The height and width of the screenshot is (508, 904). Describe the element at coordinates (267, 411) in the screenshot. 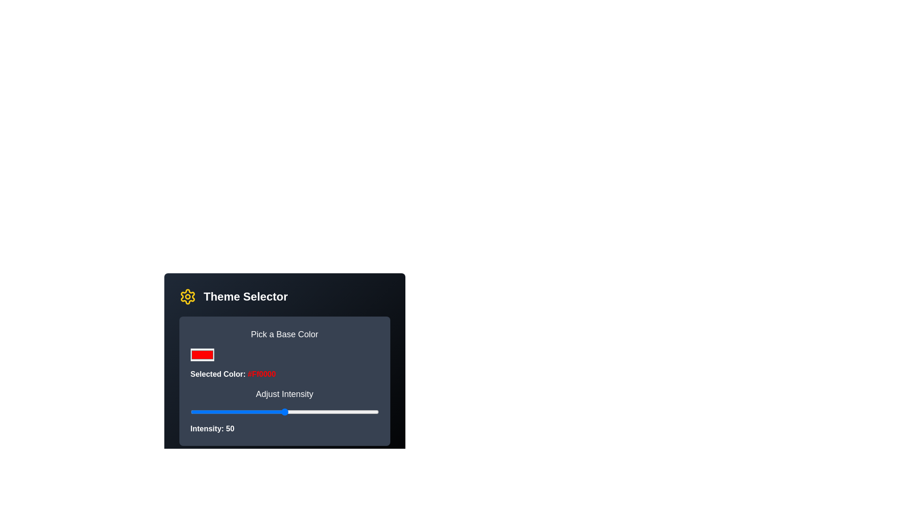

I see `the intensity slider to 41%` at that location.